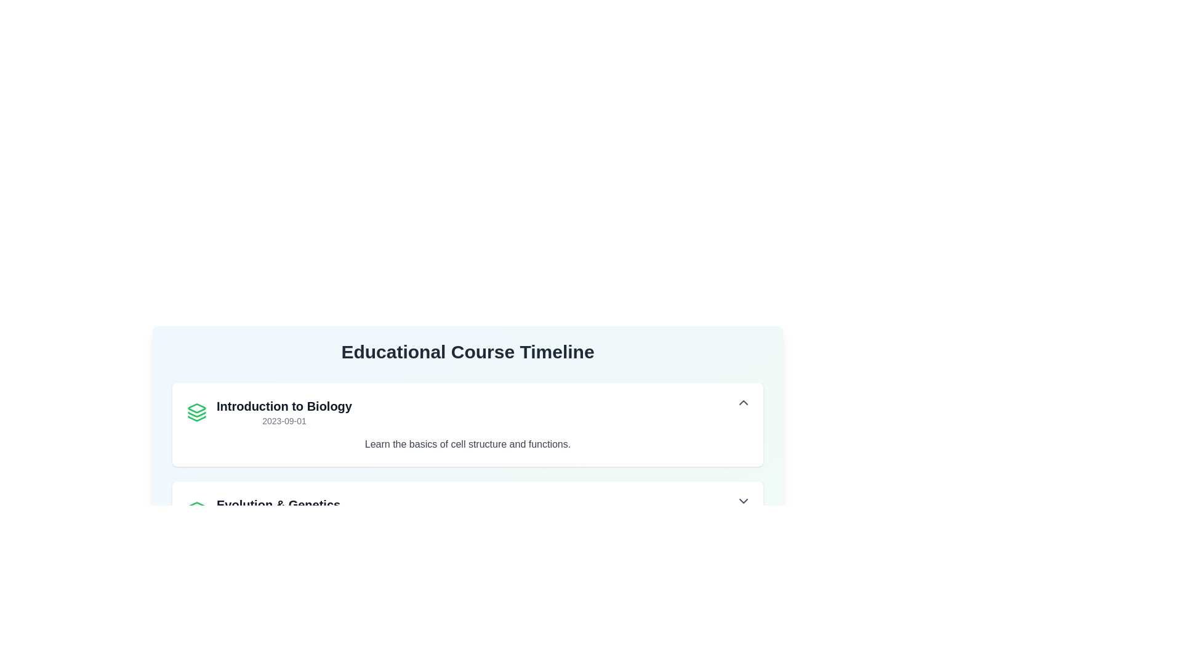 The height and width of the screenshot is (665, 1182). Describe the element at coordinates (467, 352) in the screenshot. I see `text content of the Text Header located at the top of the section, which serves as the primary header introducing the content that follows` at that location.